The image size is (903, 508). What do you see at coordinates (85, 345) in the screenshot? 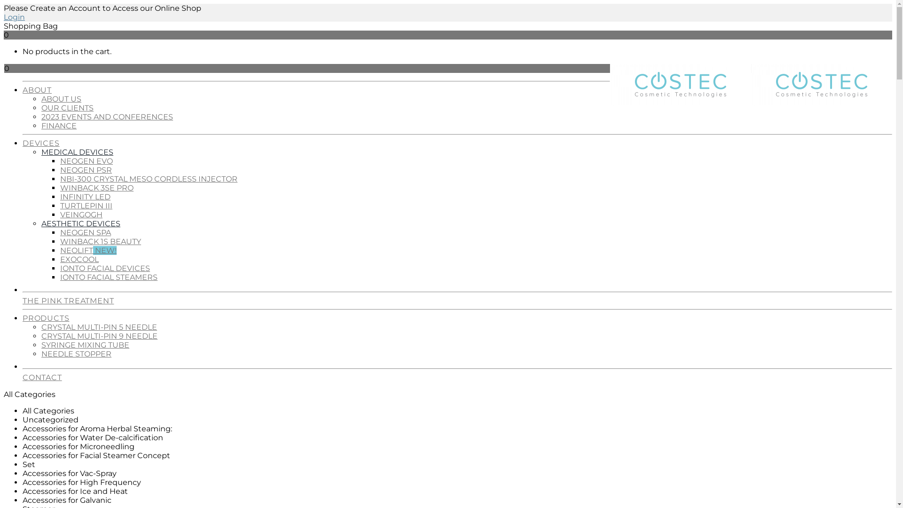
I see `'SYRINGE MIXING TUBE'` at bounding box center [85, 345].